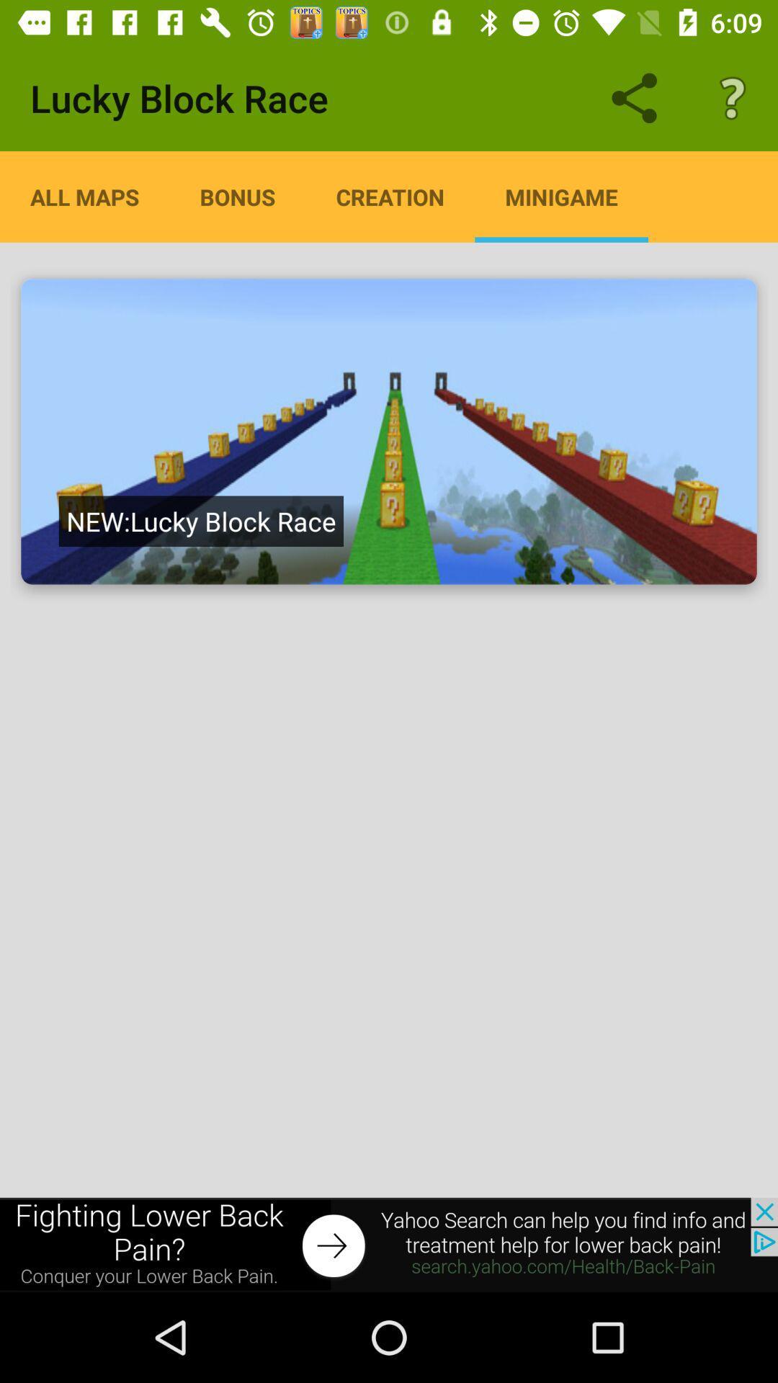 This screenshot has width=778, height=1383. Describe the element at coordinates (733, 98) in the screenshot. I see `the question mark icon at top right corner right to share icon` at that location.